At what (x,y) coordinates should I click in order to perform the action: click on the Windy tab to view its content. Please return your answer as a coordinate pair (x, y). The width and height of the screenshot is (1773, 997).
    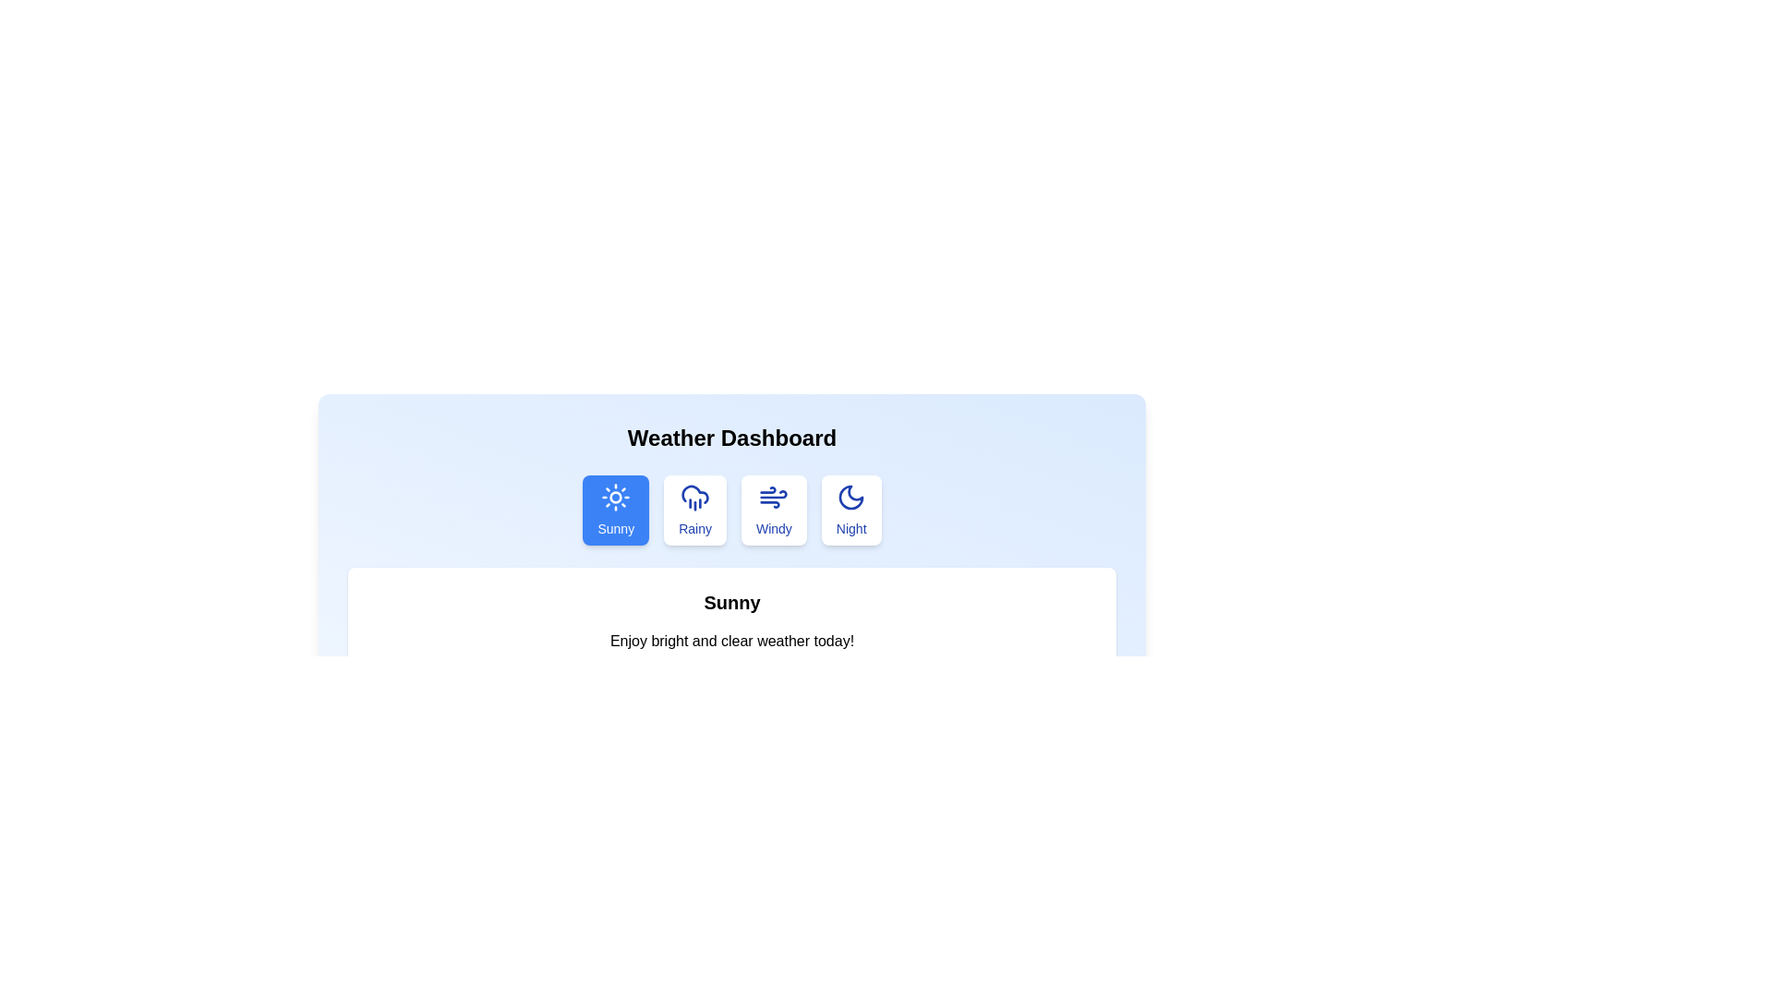
    Looking at the image, I should click on (774, 510).